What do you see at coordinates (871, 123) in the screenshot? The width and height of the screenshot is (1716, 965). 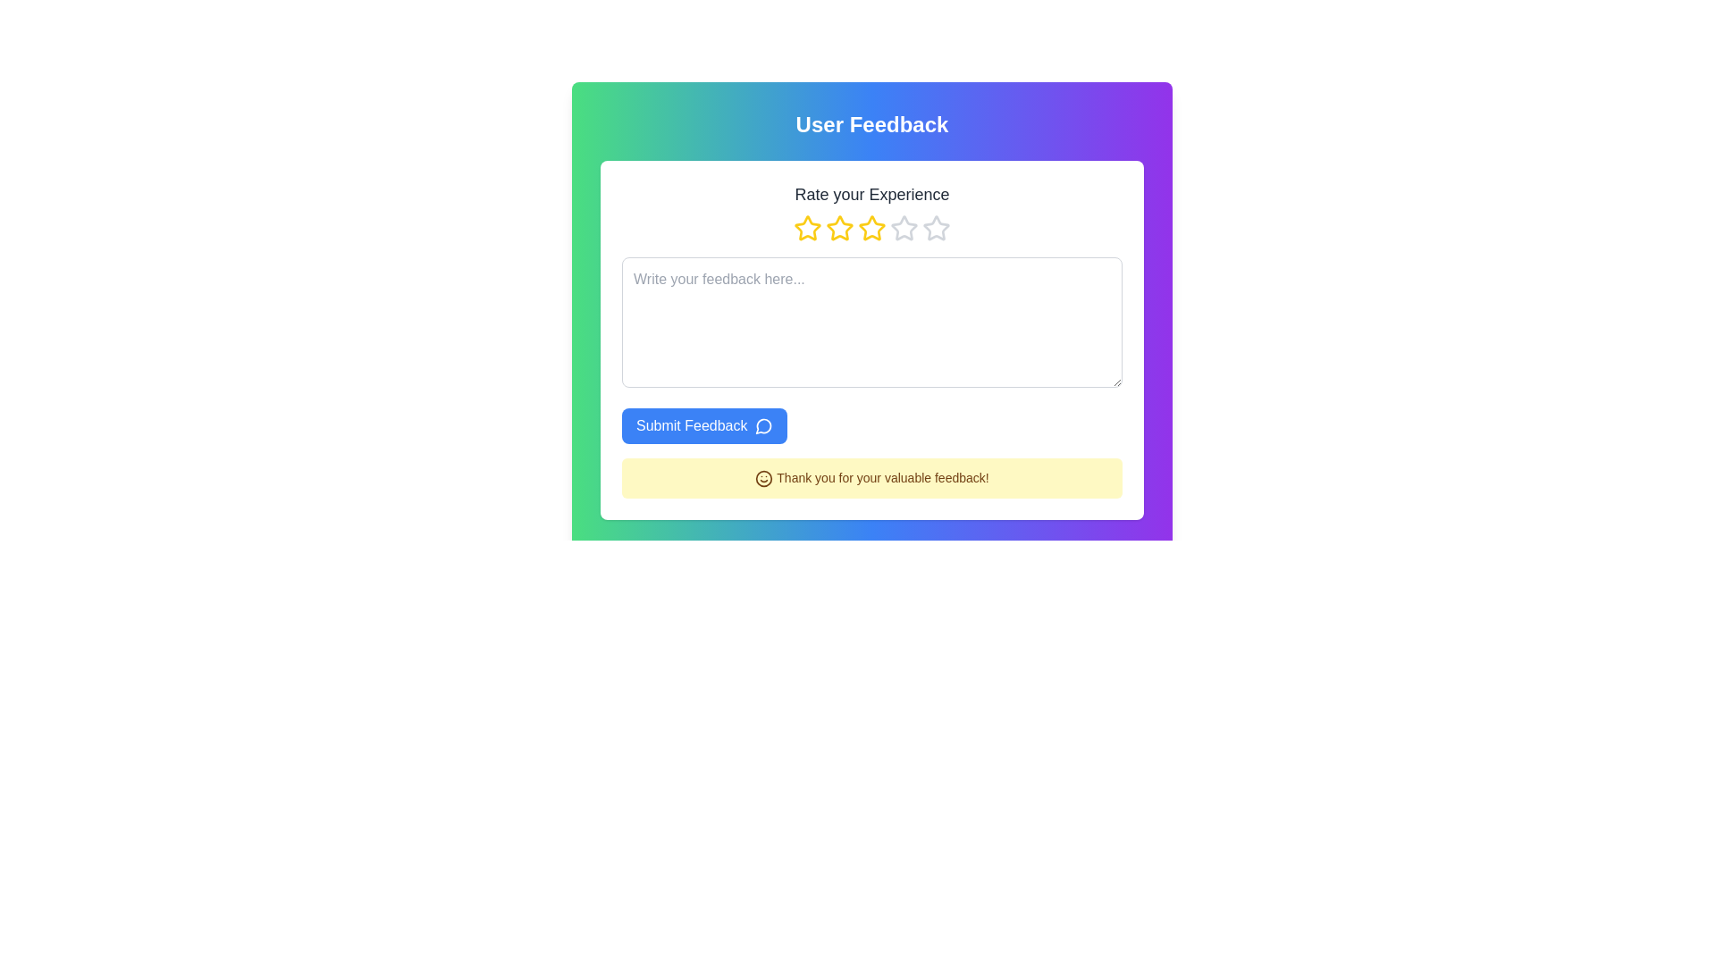 I see `the 'User Feedback' text label, which is prominently displayed in a bold, large font and centrally aligned against a colorful gradient background` at bounding box center [871, 123].